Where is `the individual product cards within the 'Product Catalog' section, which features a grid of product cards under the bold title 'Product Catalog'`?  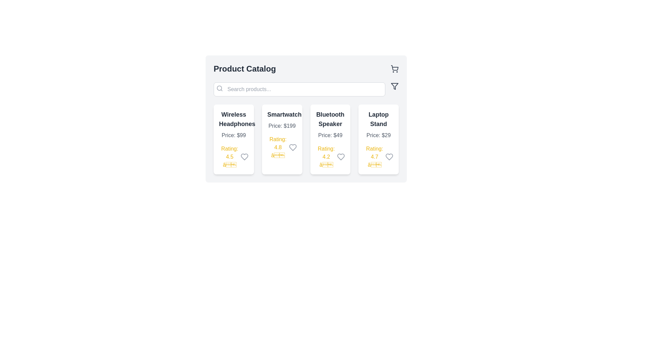 the individual product cards within the 'Product Catalog' section, which features a grid of product cards under the bold title 'Product Catalog' is located at coordinates (306, 119).